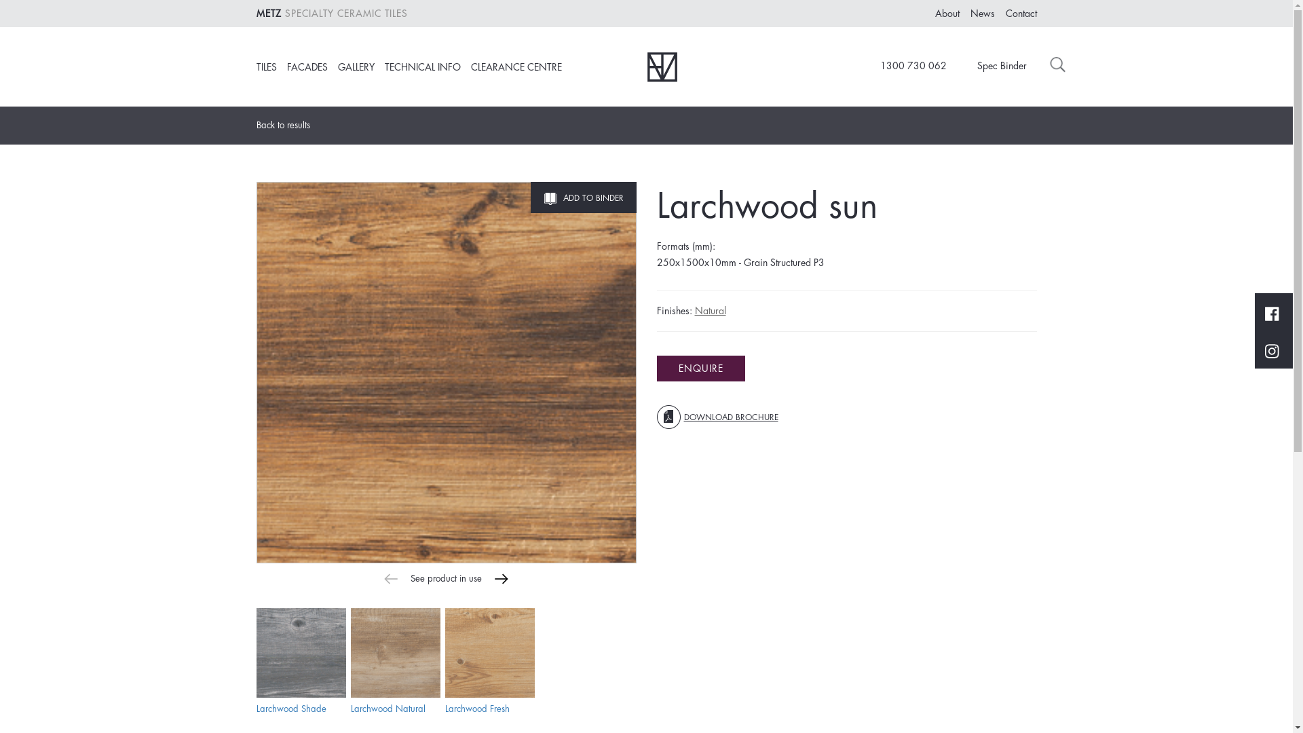  I want to click on 'GALLERY', so click(356, 67).